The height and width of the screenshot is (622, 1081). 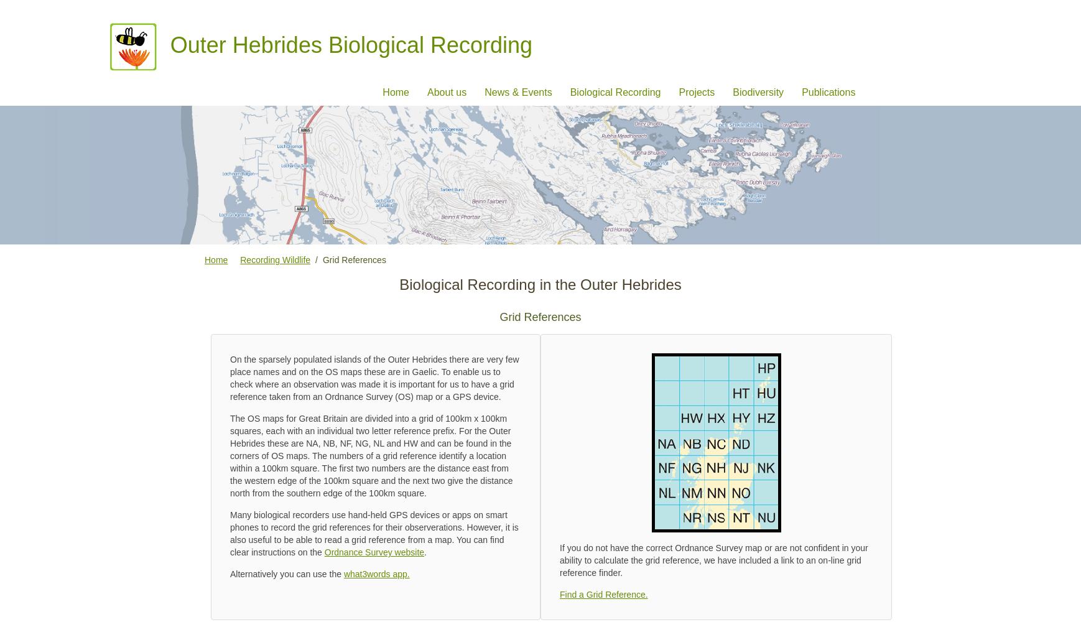 What do you see at coordinates (603, 594) in the screenshot?
I see `'Find a Grid Reference.'` at bounding box center [603, 594].